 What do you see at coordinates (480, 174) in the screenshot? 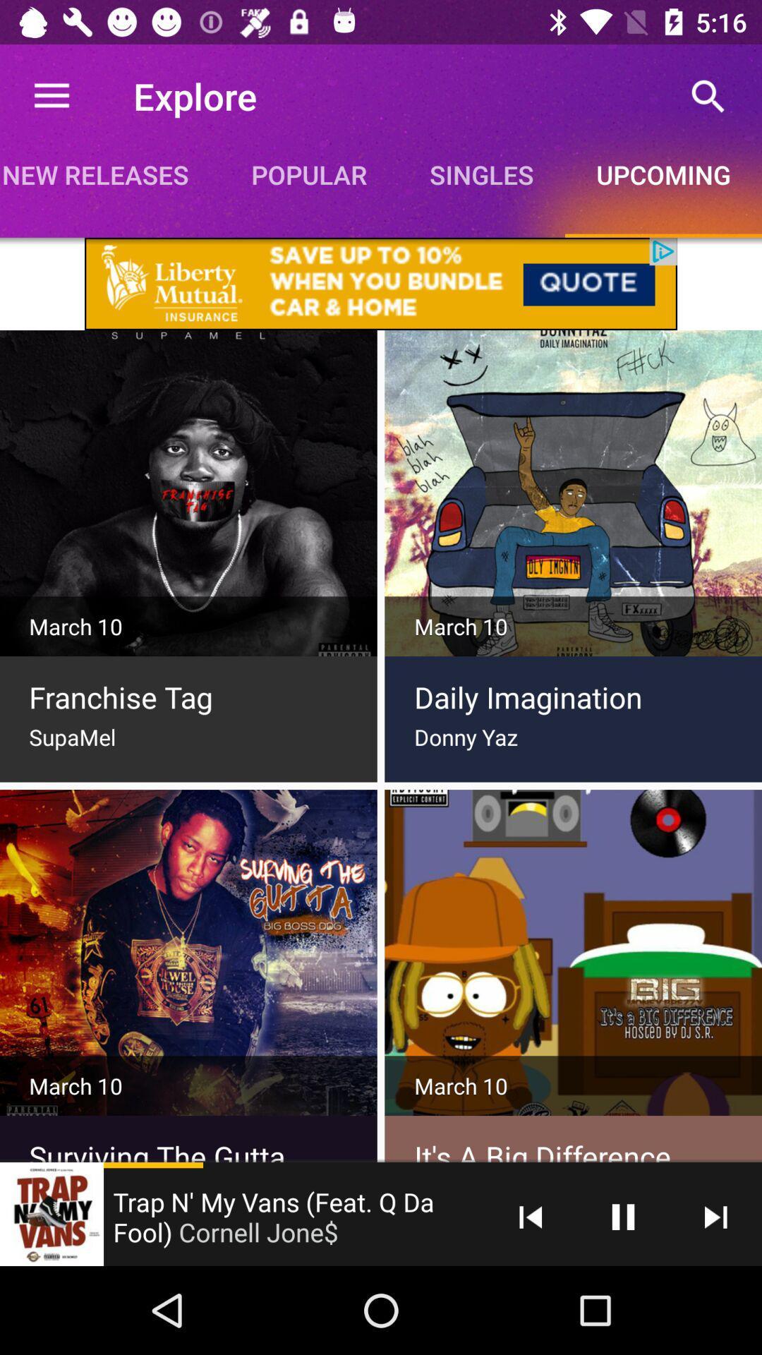
I see `the item next to upcoming` at bounding box center [480, 174].